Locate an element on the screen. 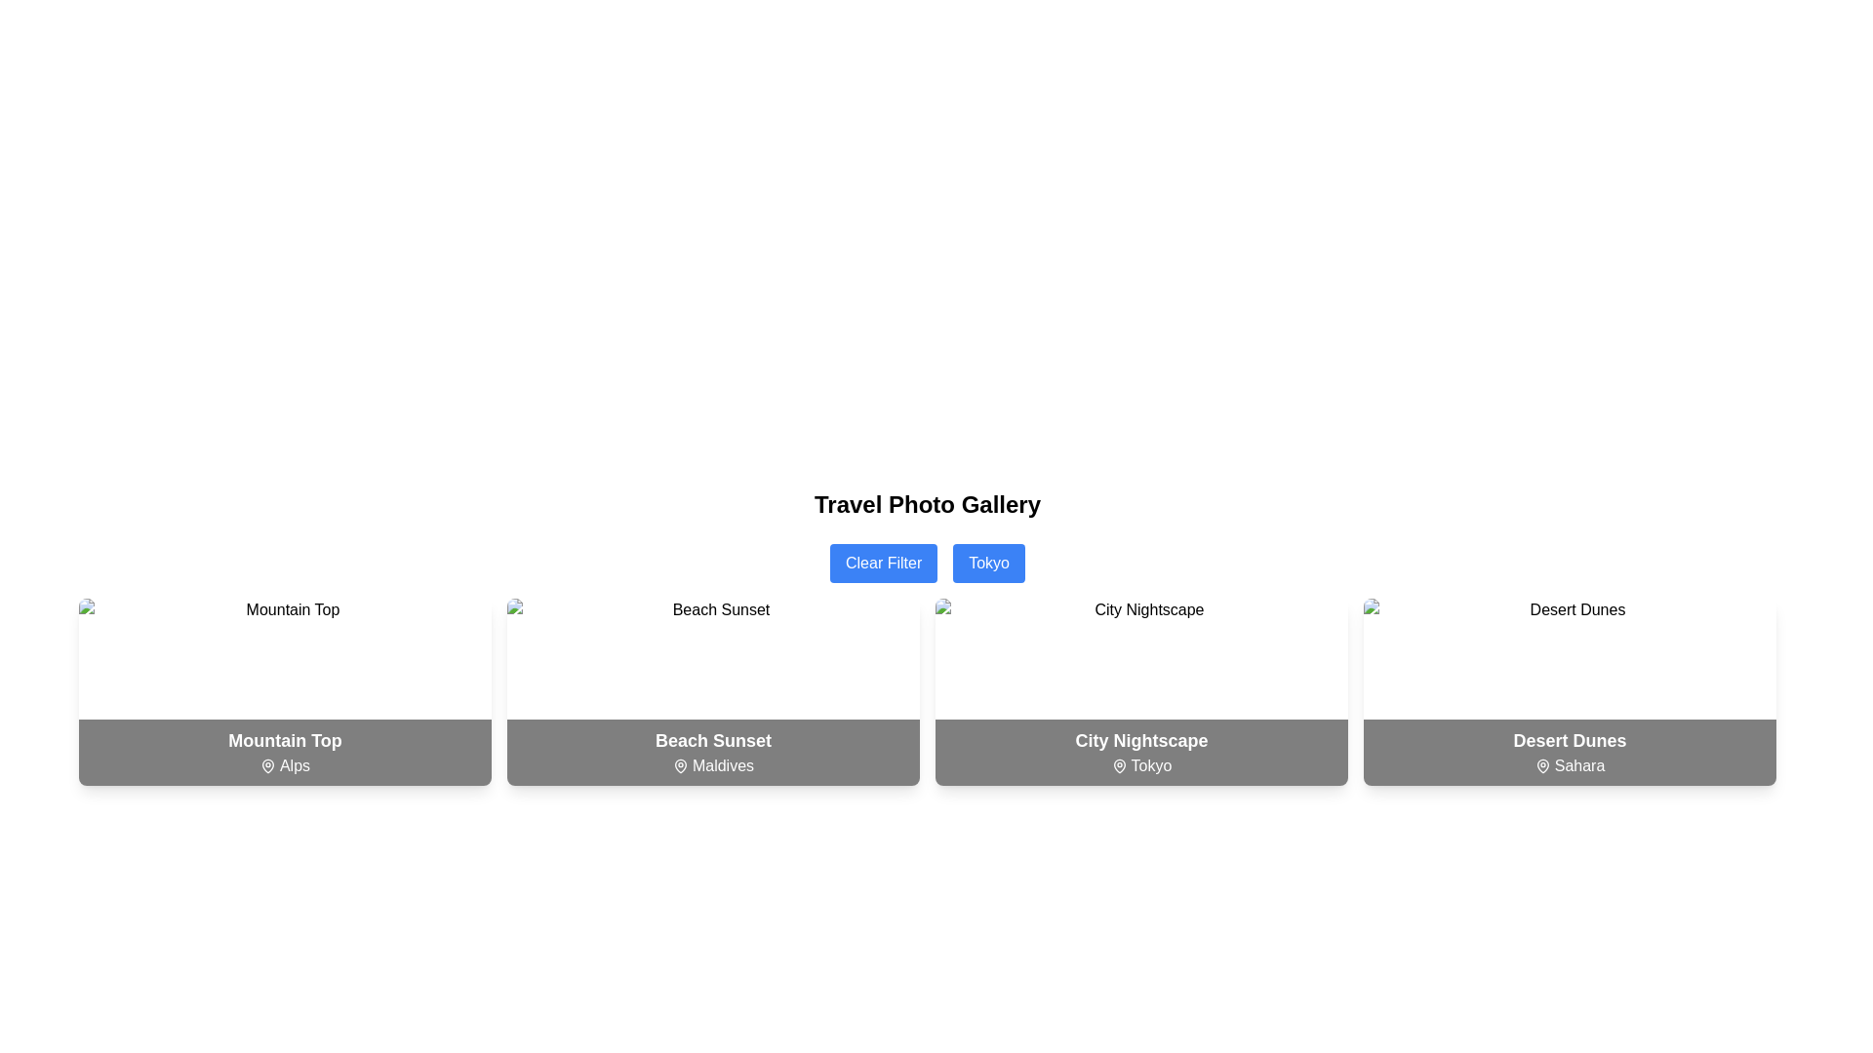  contents of the Text Label indicating 'Beach Sunset', which is positioned at the bottom-center of the card and above the text 'Maldives' is located at coordinates (712, 740).